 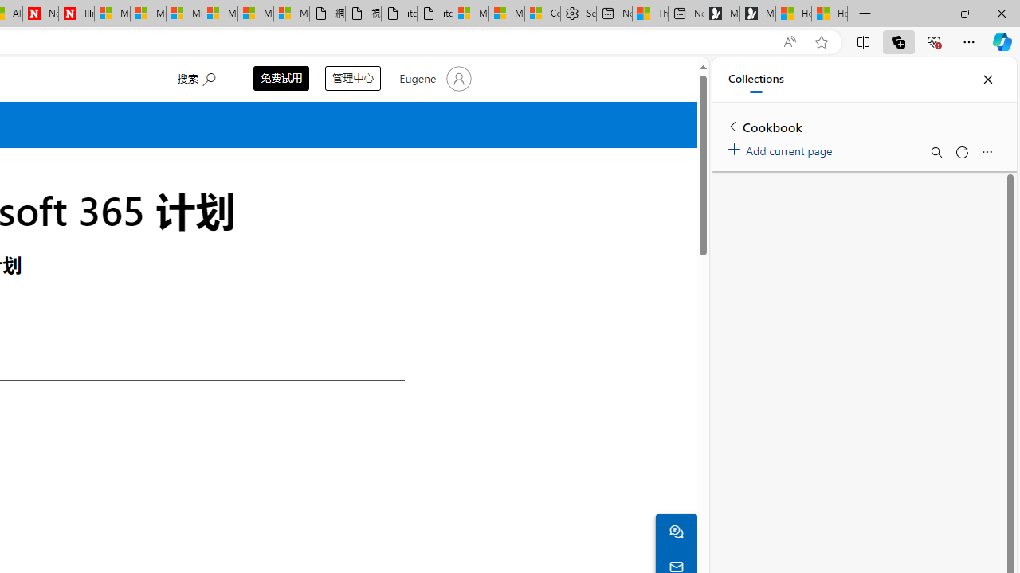 I want to click on 'How to Use a TV as a Computer Monitor', so click(x=829, y=14).